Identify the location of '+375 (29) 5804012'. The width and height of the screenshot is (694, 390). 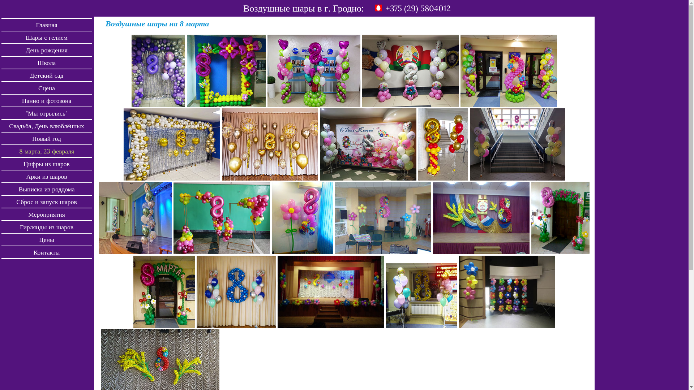
(418, 8).